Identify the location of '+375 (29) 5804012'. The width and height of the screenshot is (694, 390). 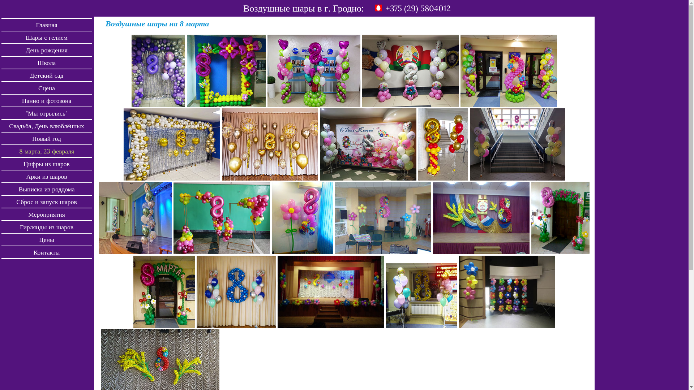
(418, 8).